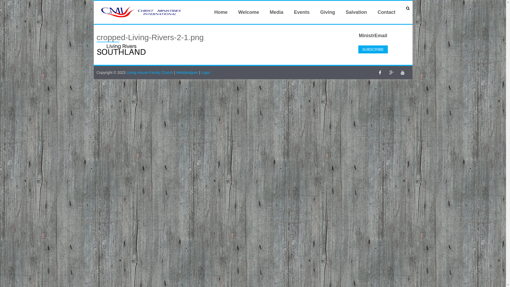 This screenshot has height=287, width=510. What do you see at coordinates (327, 12) in the screenshot?
I see `'Giving'` at bounding box center [327, 12].